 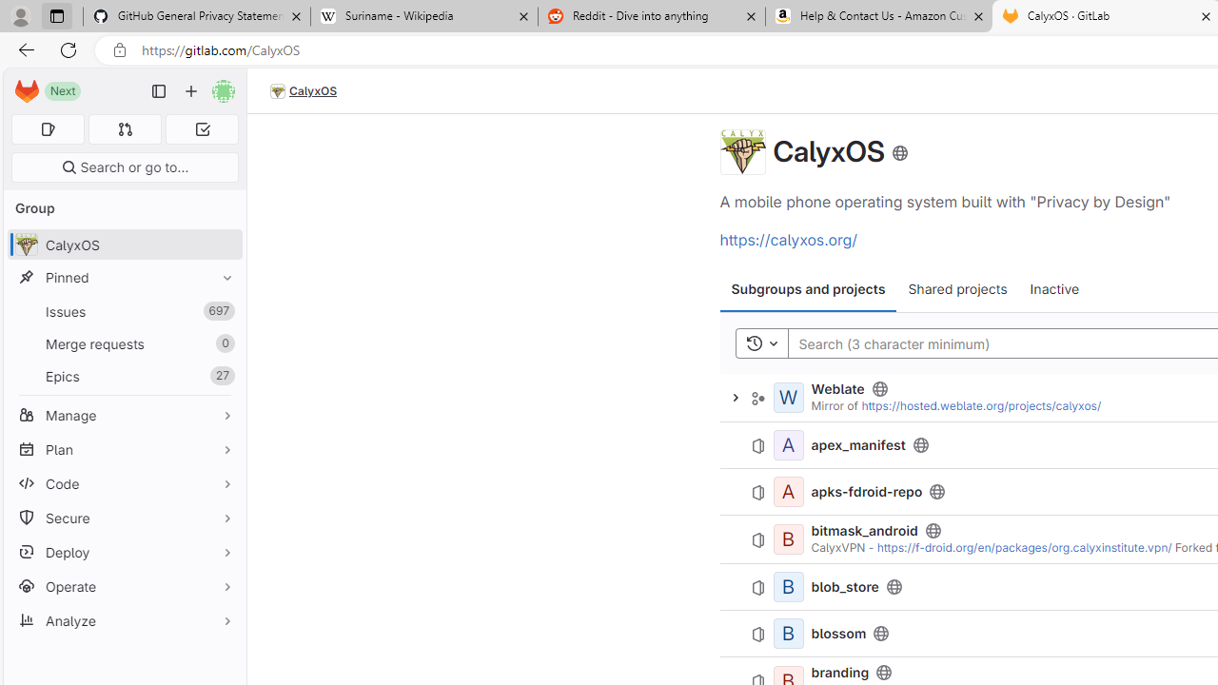 I want to click on 'Unpin Merge requests', so click(x=223, y=343).